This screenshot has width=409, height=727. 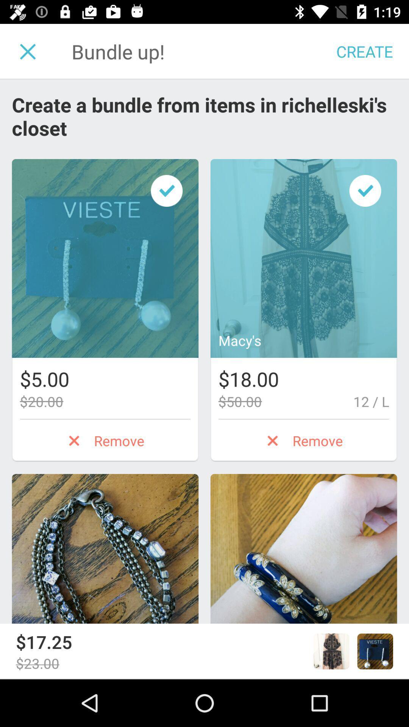 I want to click on the image shown right to 1725 at the bottom of the page, so click(x=331, y=651).